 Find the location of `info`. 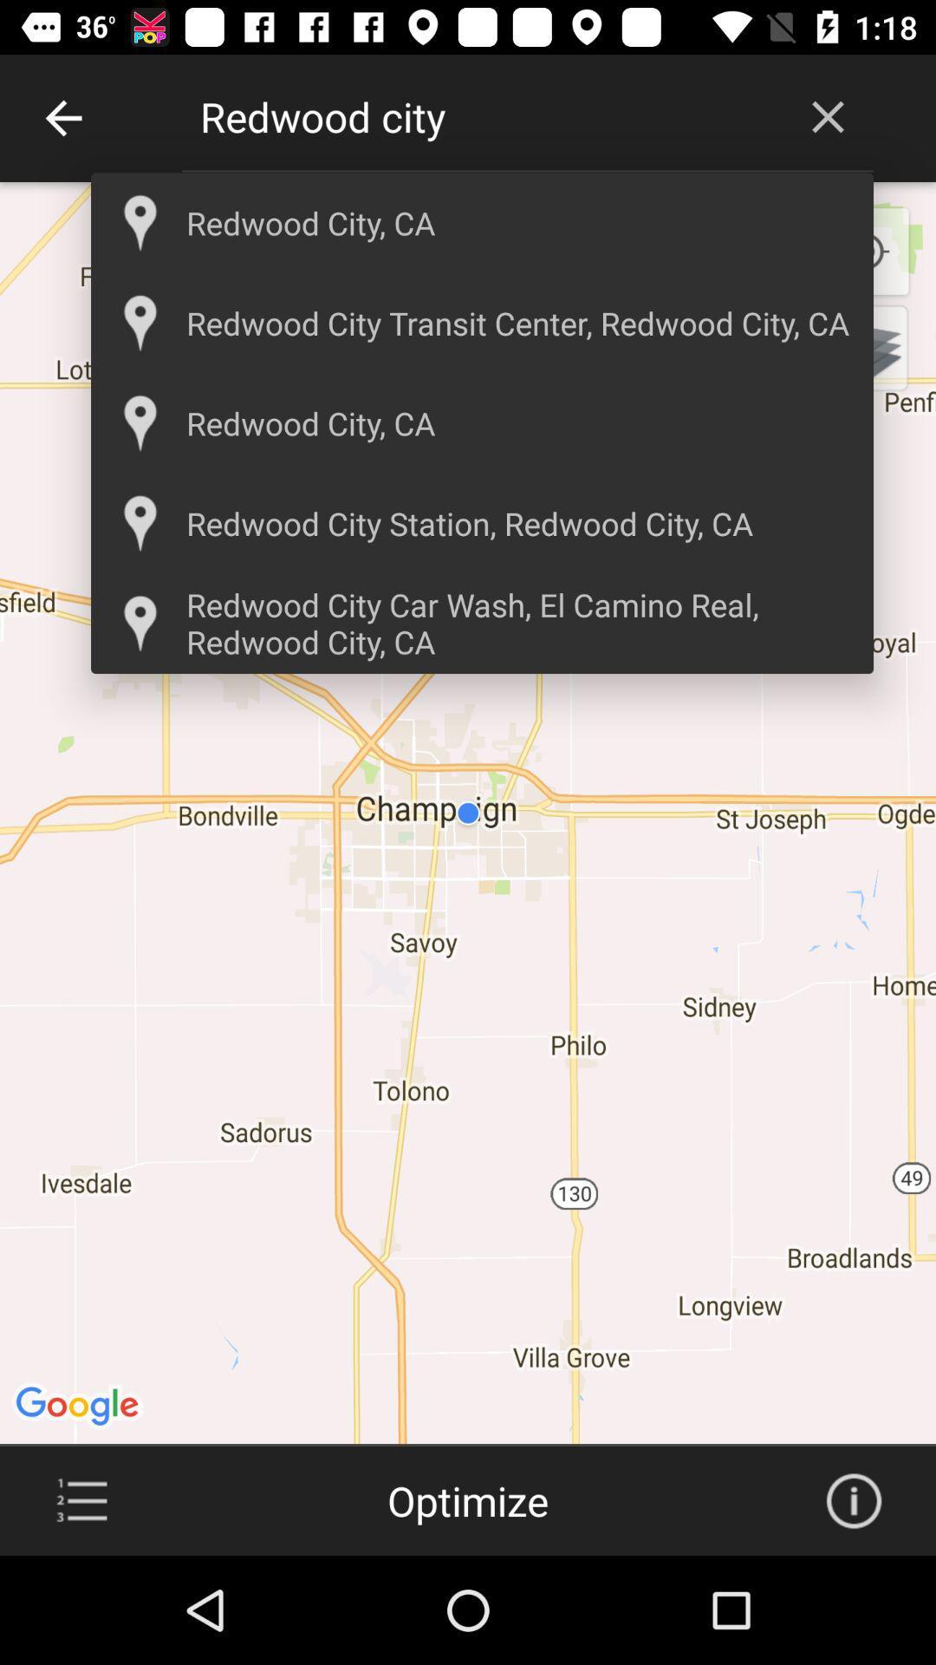

info is located at coordinates (853, 1500).